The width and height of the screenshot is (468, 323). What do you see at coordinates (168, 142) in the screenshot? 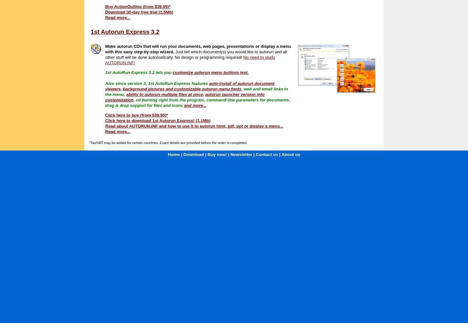
I see `'*Tax/VAT may be added for certain countries. Exact details are provided before the order is completed.'` at bounding box center [168, 142].